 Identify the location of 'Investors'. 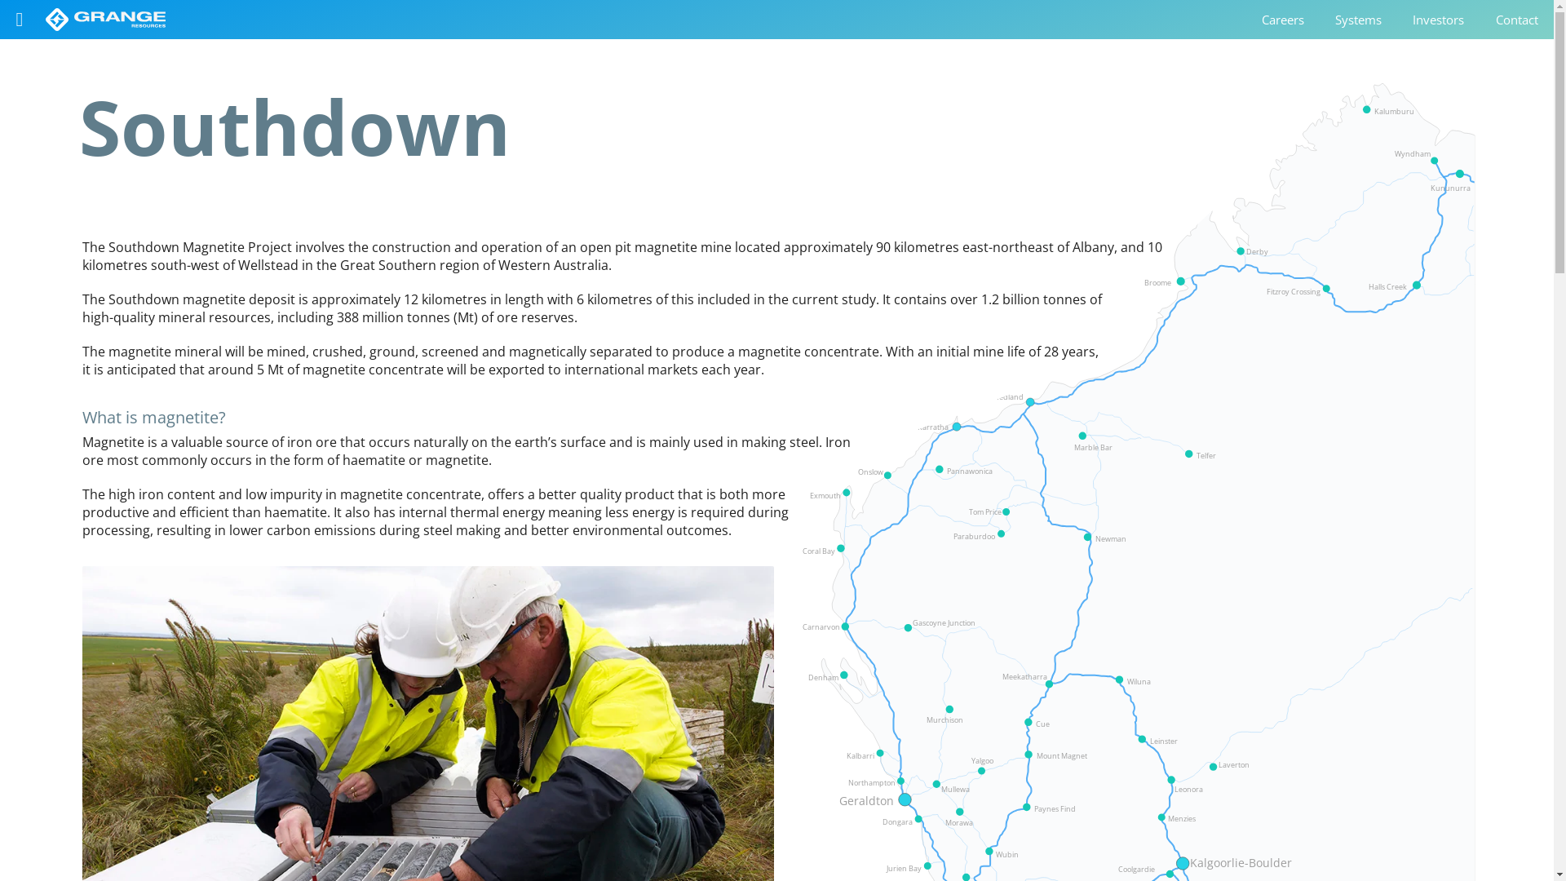
(1438, 19).